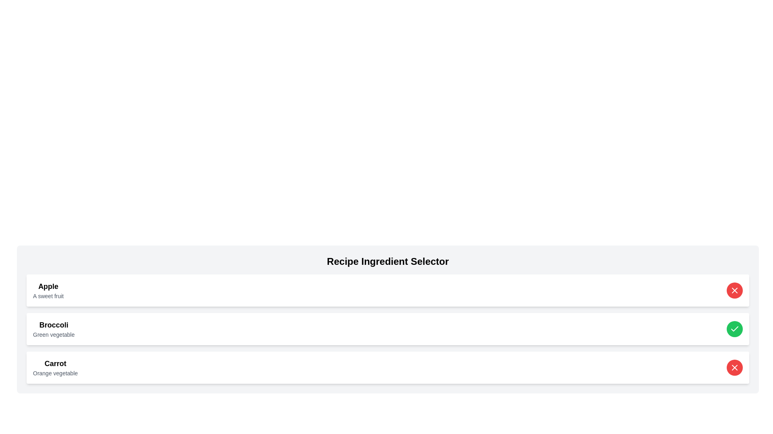  Describe the element at coordinates (388, 329) in the screenshot. I see `the green checkmark on the List Item Component representing 'Broccoli' to deselect it` at that location.